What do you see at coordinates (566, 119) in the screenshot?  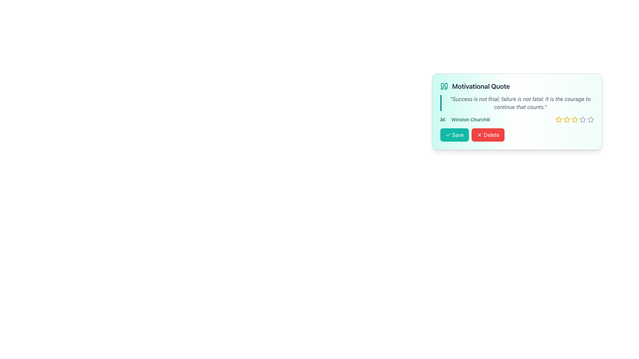 I see `the second yellow star-shaped icon in the row of five icons` at bounding box center [566, 119].